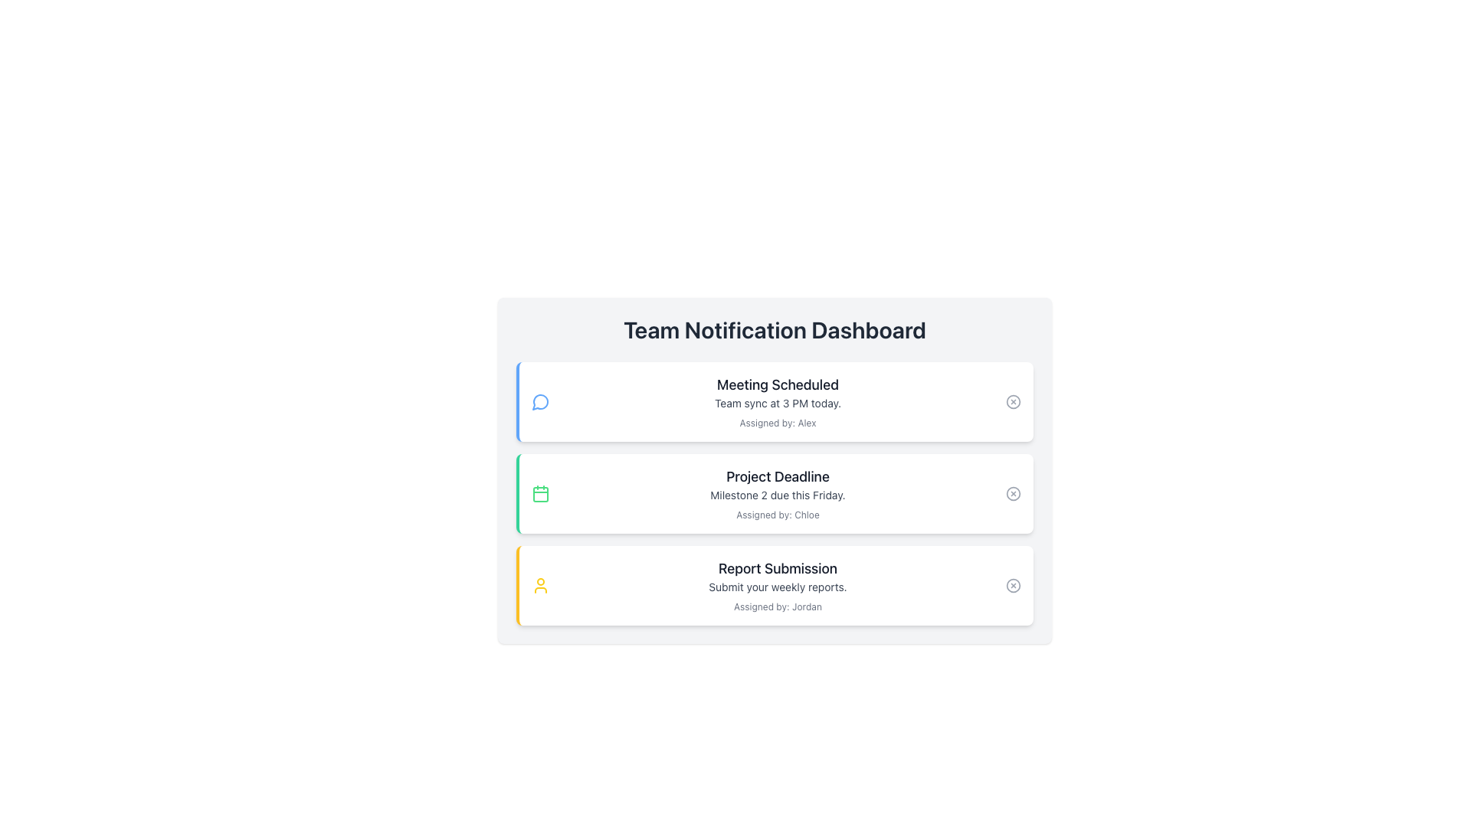  What do you see at coordinates (778, 403) in the screenshot?
I see `the Text Label that provides descriptive information regarding a scheduled team meeting, located below 'Meeting Scheduled' and above 'Assigned by: Alex'` at bounding box center [778, 403].